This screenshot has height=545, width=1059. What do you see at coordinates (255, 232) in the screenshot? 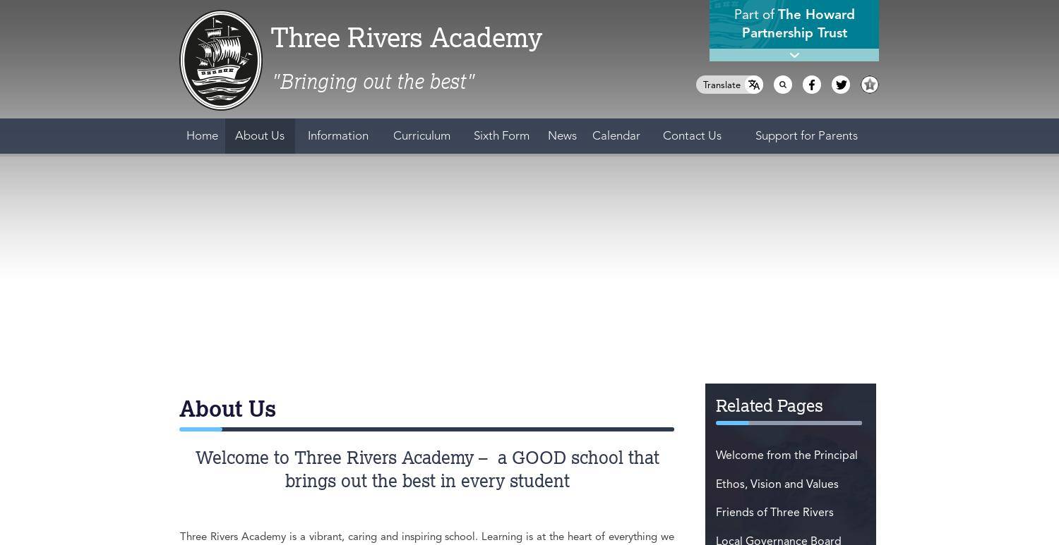
I see `'Tweets by 3RiversSurrey'` at bounding box center [255, 232].